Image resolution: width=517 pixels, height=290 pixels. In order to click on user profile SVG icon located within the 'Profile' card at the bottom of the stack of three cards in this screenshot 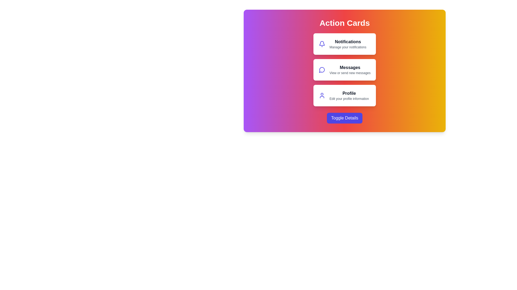, I will do `click(322, 95)`.